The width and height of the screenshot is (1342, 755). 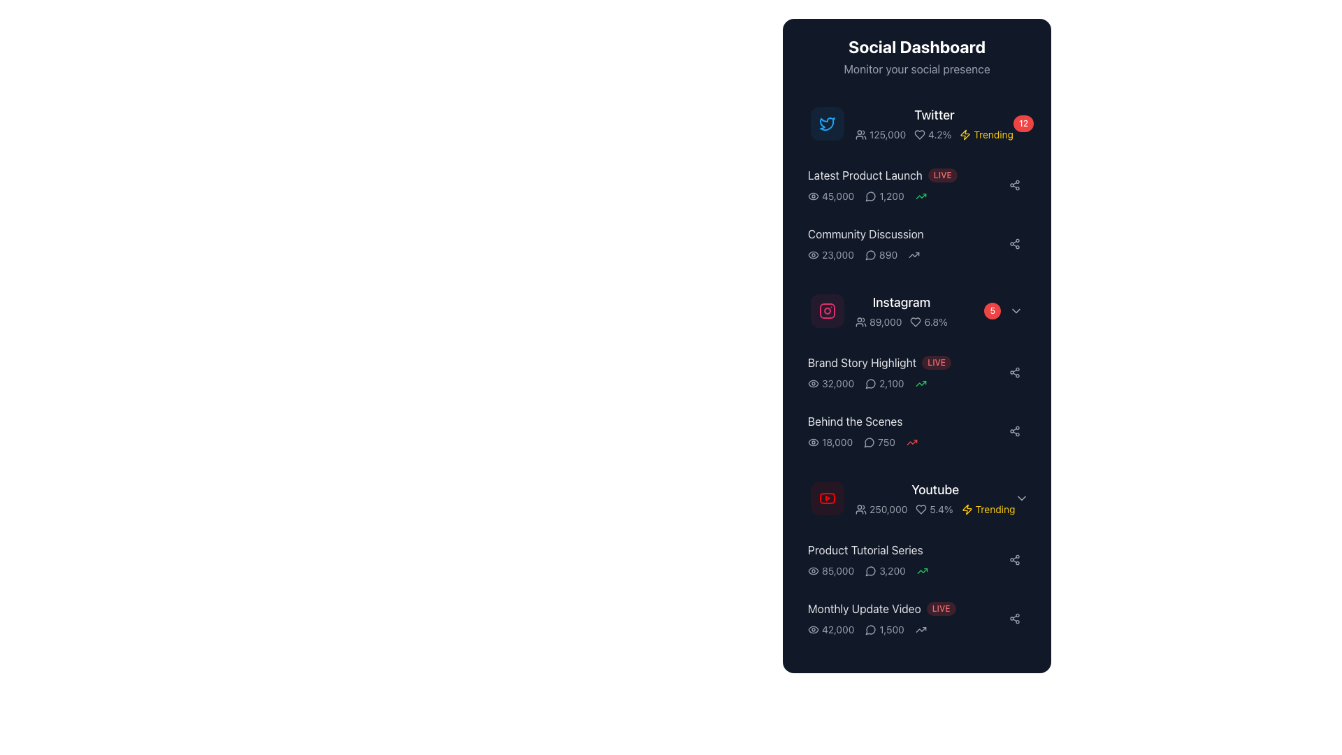 What do you see at coordinates (1016, 310) in the screenshot?
I see `the rightward chevron arrow icon, which is styled in light gray and located next to a red badge displaying '5' in the Instagram section of the dashboard` at bounding box center [1016, 310].